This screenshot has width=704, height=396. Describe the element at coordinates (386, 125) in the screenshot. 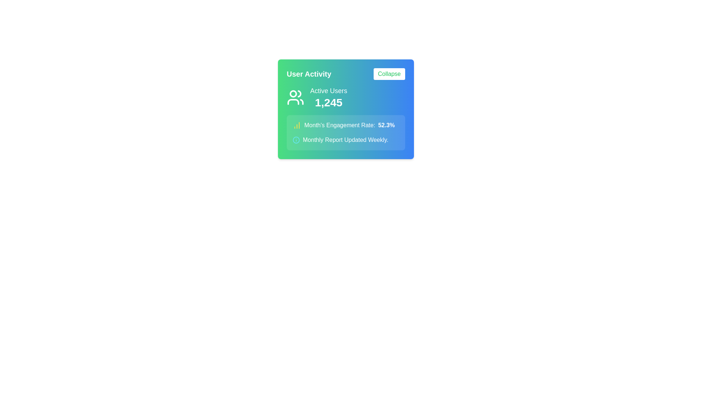

I see `the Text label displaying '52.3%' in bold, white typography, which is located in the 'User Activity' card section, under 'Month's Engagement Rate:' and to the right of the yellow chart icon` at that location.